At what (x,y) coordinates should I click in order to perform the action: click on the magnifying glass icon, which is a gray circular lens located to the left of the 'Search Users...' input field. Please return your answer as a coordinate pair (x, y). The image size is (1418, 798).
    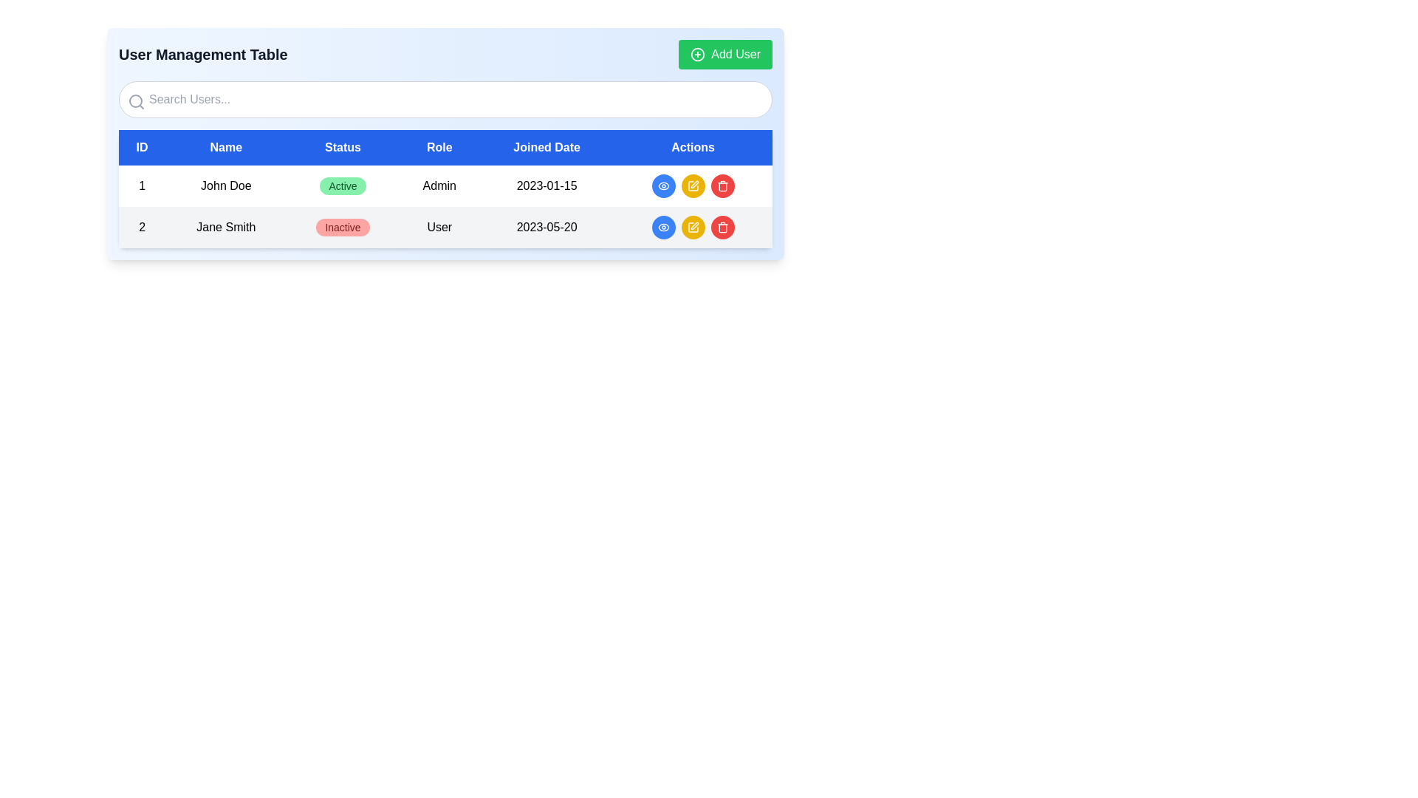
    Looking at the image, I should click on (137, 101).